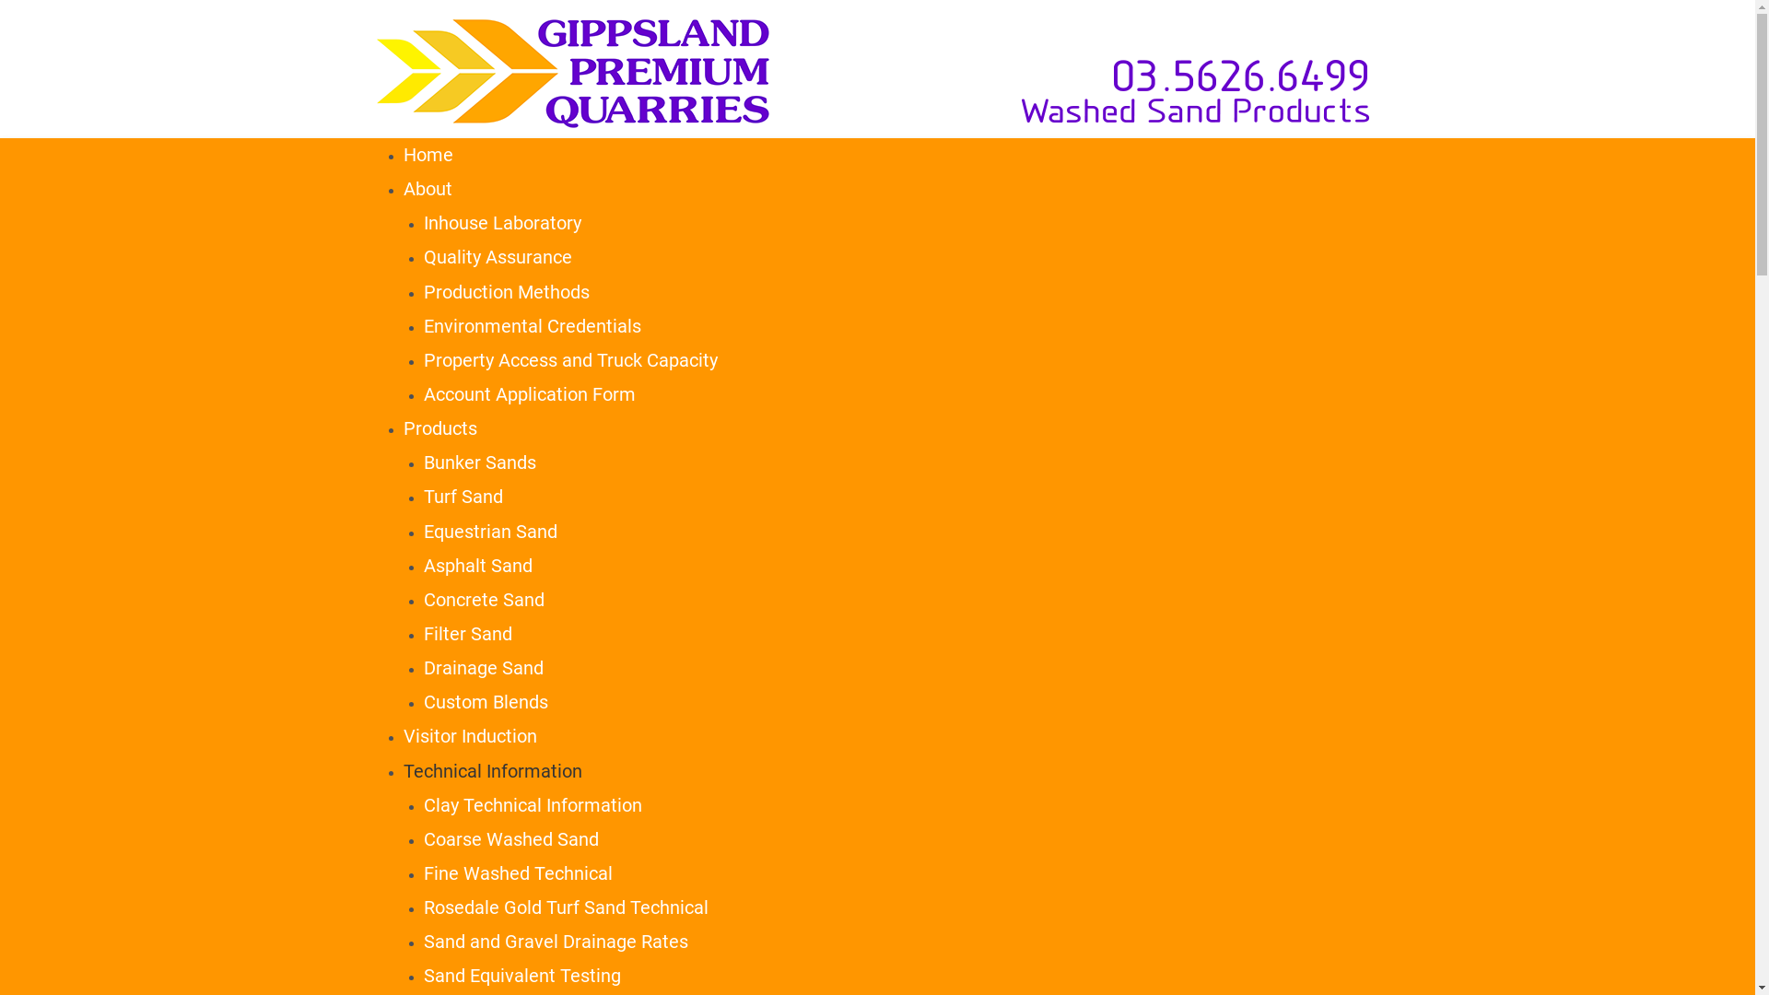 The height and width of the screenshot is (995, 1769). Describe the element at coordinates (565, 906) in the screenshot. I see `'Rosedale Gold Turf Sand Technical'` at that location.